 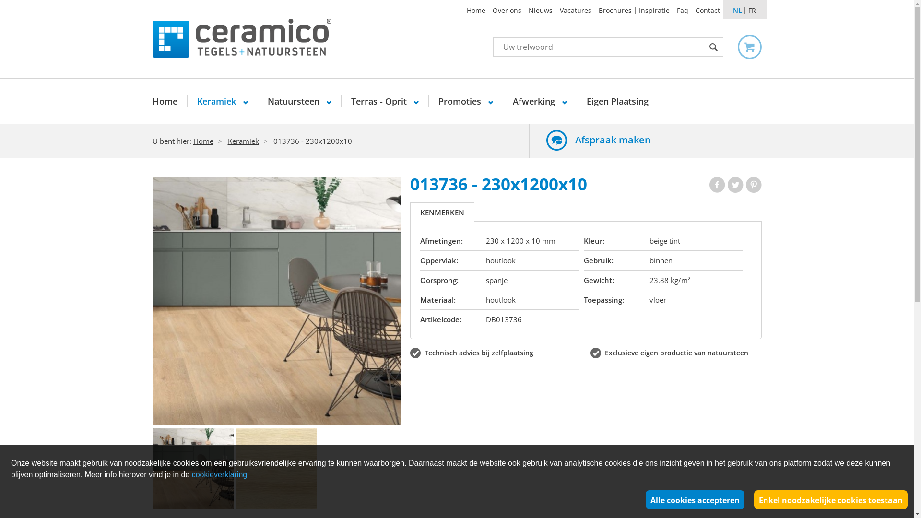 What do you see at coordinates (653, 10) in the screenshot?
I see `'Inspiratie'` at bounding box center [653, 10].